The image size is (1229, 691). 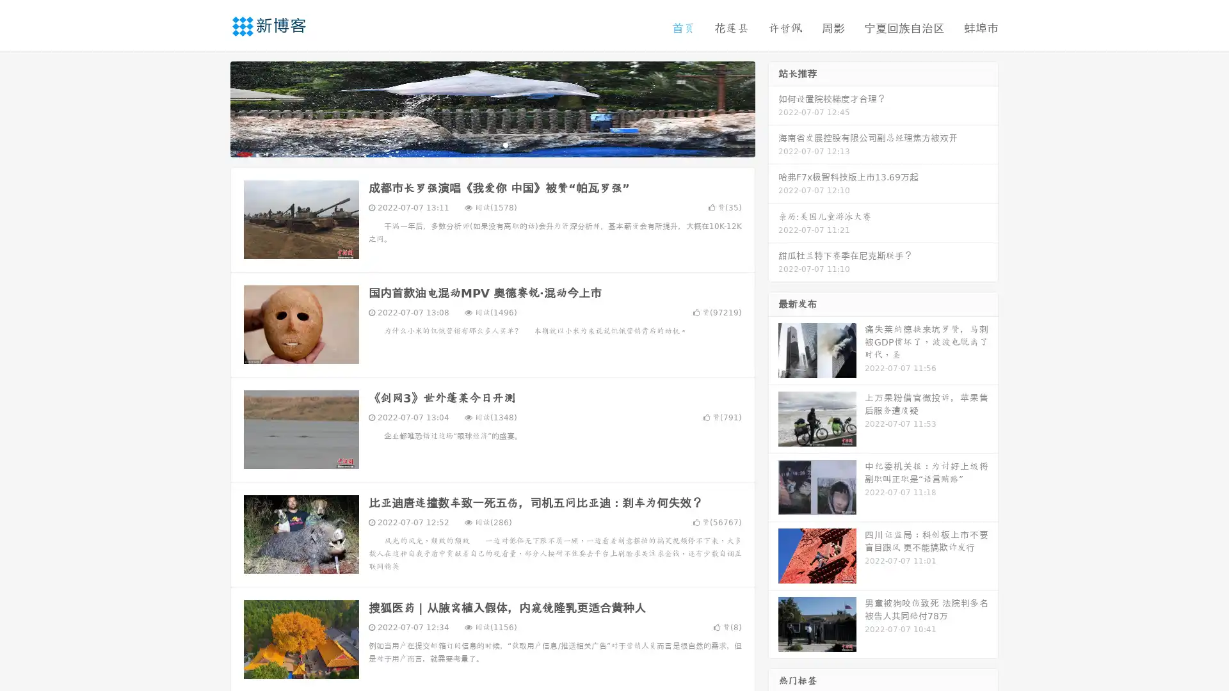 I want to click on Go to slide 1, so click(x=479, y=144).